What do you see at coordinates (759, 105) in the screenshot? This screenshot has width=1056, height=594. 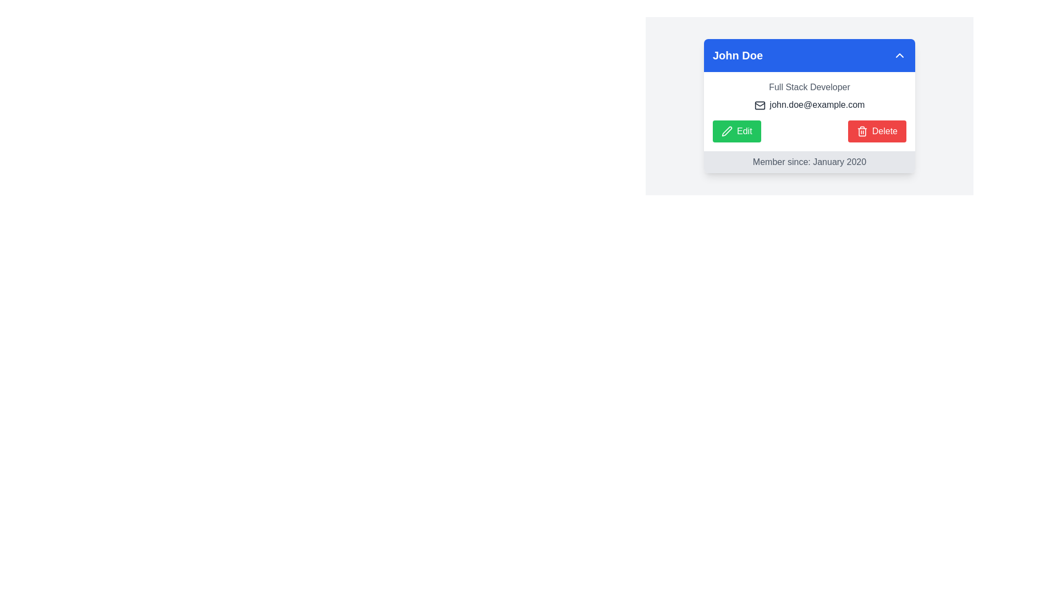 I see `the mail icon, which is a simplistic outlined envelope located to the left of the email address 'john.doe@example.com' in the email section of the card interface` at bounding box center [759, 105].